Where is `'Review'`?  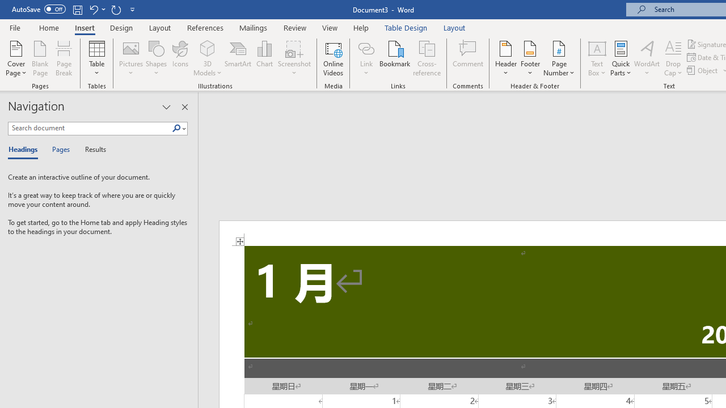 'Review' is located at coordinates (295, 27).